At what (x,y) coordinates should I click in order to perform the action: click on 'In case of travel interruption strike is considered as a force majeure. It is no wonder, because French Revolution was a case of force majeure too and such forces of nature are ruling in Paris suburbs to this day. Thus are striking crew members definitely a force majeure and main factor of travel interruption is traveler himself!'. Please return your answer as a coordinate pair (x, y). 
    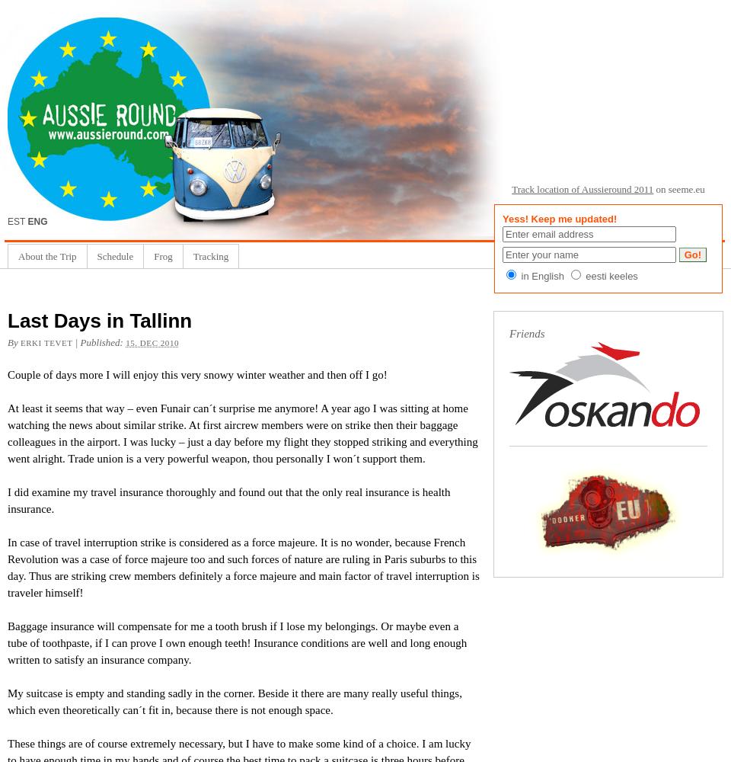
    Looking at the image, I should click on (243, 567).